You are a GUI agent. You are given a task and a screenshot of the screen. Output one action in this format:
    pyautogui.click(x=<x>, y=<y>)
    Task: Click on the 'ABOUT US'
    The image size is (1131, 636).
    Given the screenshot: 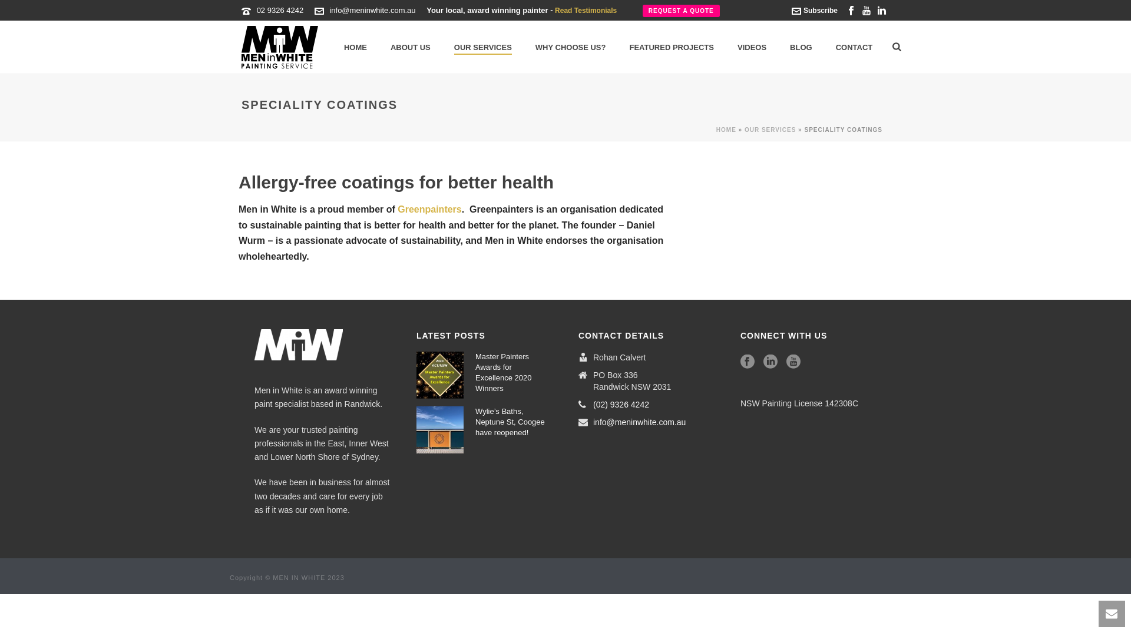 What is the action you would take?
    pyautogui.click(x=410, y=47)
    